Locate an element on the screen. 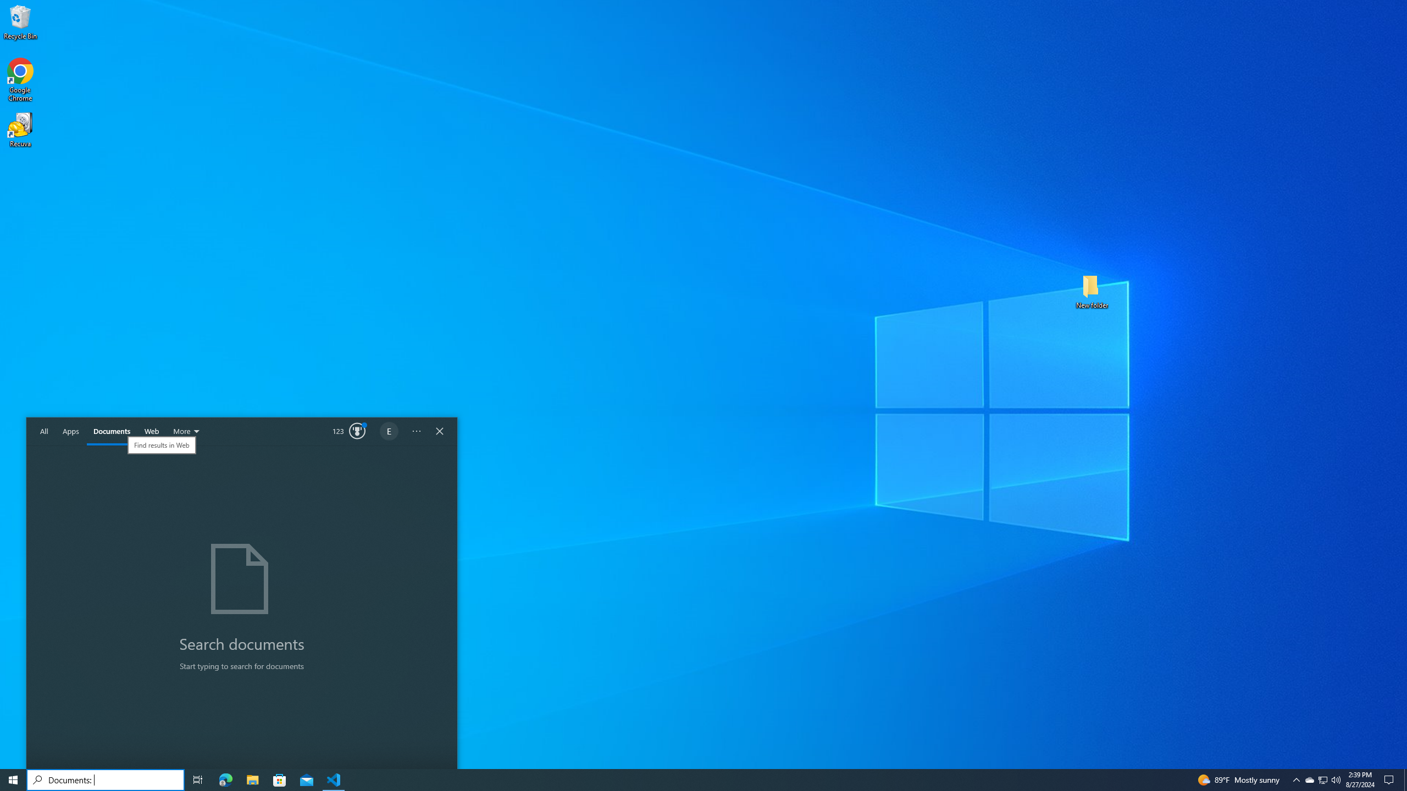 The image size is (1407, 791). 'Q2790: 100%' is located at coordinates (1335, 779).